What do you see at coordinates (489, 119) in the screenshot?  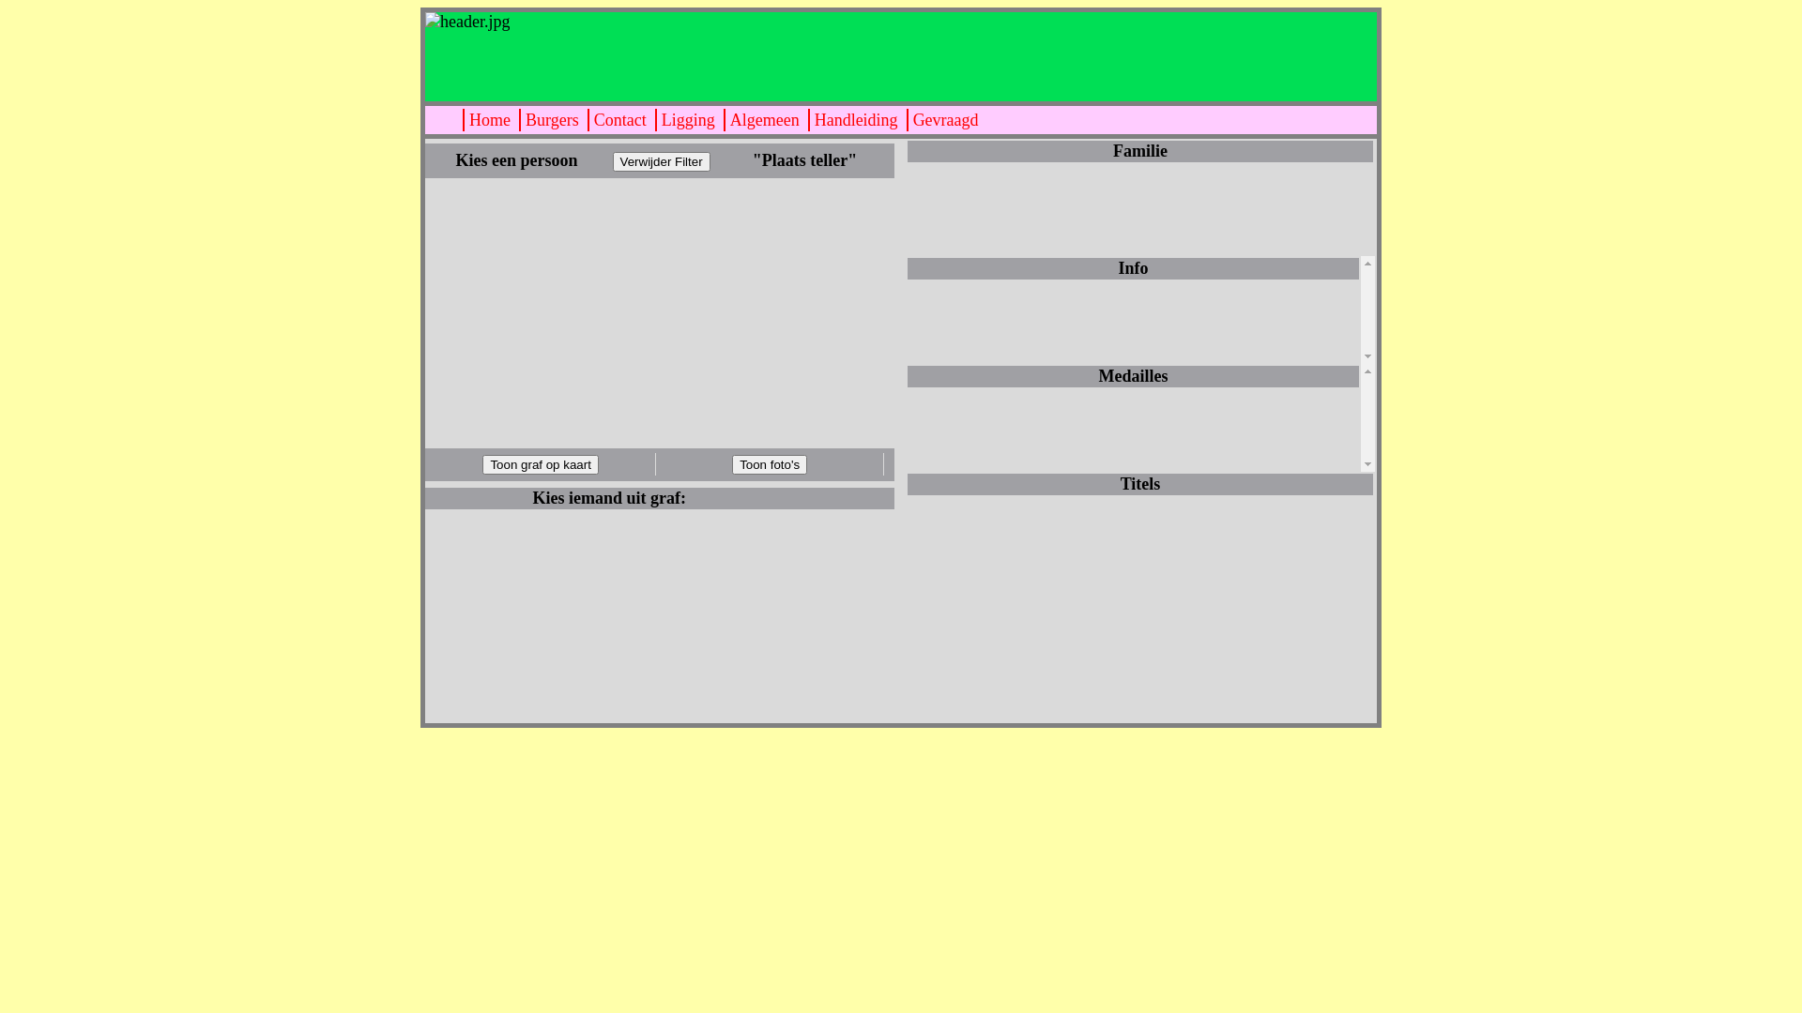 I see `'Home'` at bounding box center [489, 119].